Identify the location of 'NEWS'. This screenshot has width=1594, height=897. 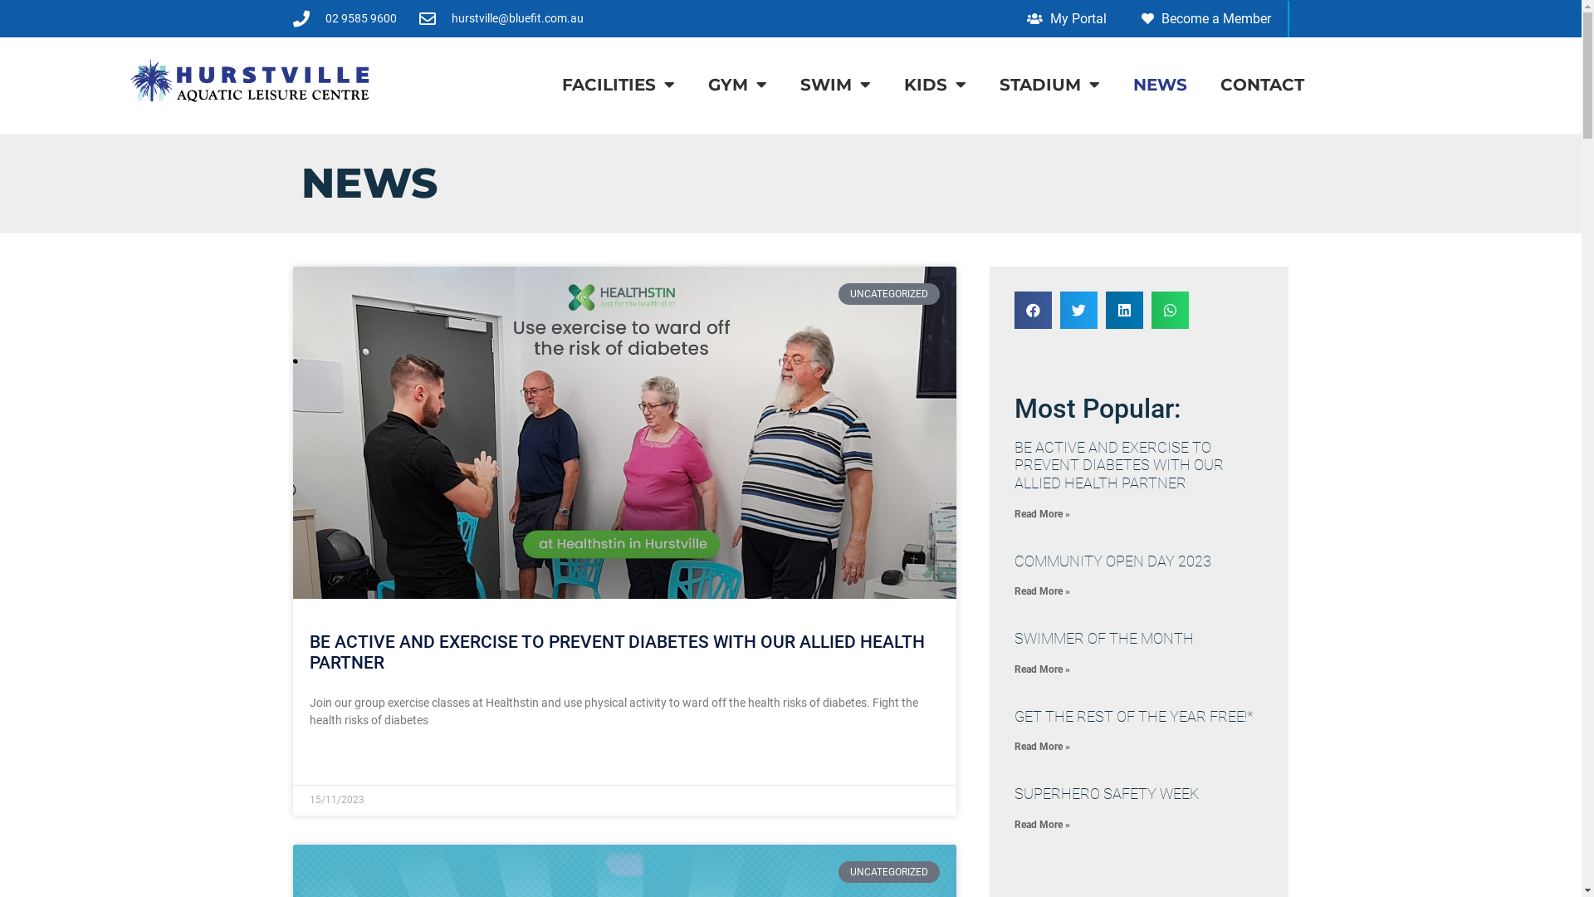
(1159, 84).